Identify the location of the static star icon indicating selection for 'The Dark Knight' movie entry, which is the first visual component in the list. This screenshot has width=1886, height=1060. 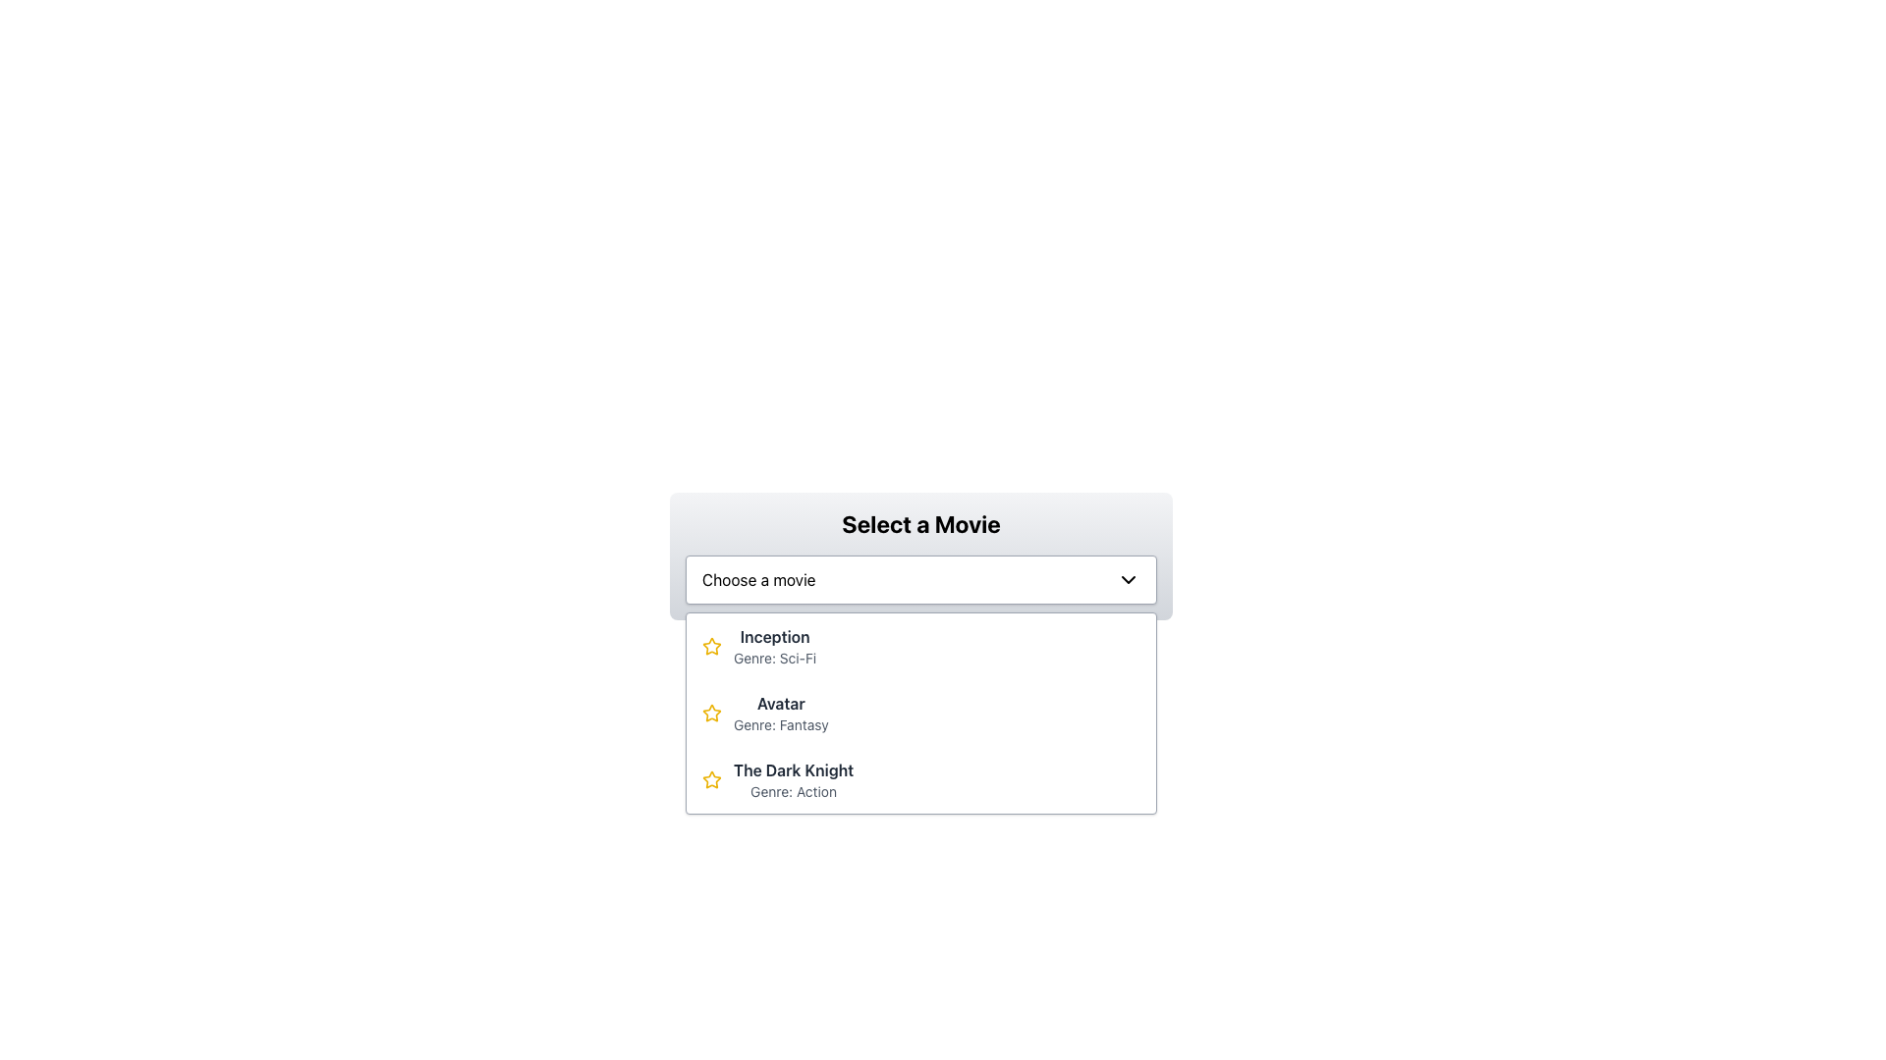
(710, 778).